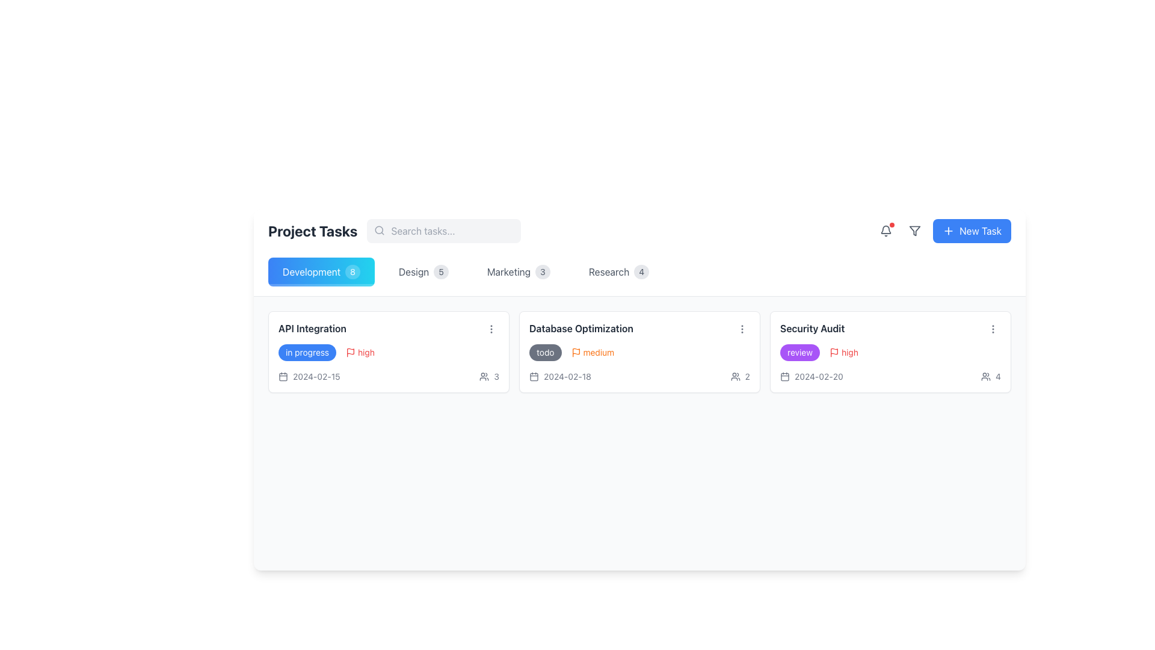 The height and width of the screenshot is (650, 1155). What do you see at coordinates (843, 352) in the screenshot?
I see `the high priority indicator text with icon located in the 'Security Audit' card, positioned below the 'review' label and aligned horizontally` at bounding box center [843, 352].